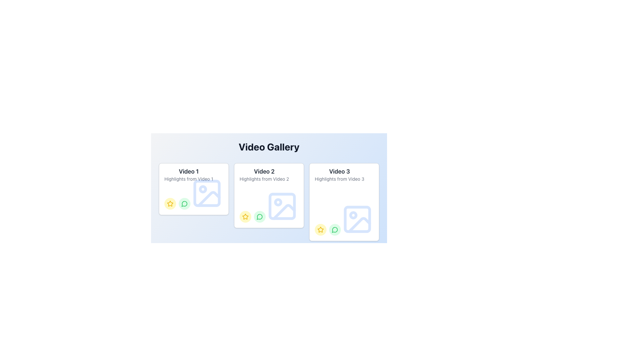 This screenshot has width=625, height=351. I want to click on the yellow star icon button with rounded edges located in the lower-left corner of the card labeled 'Video 3', so click(245, 217).